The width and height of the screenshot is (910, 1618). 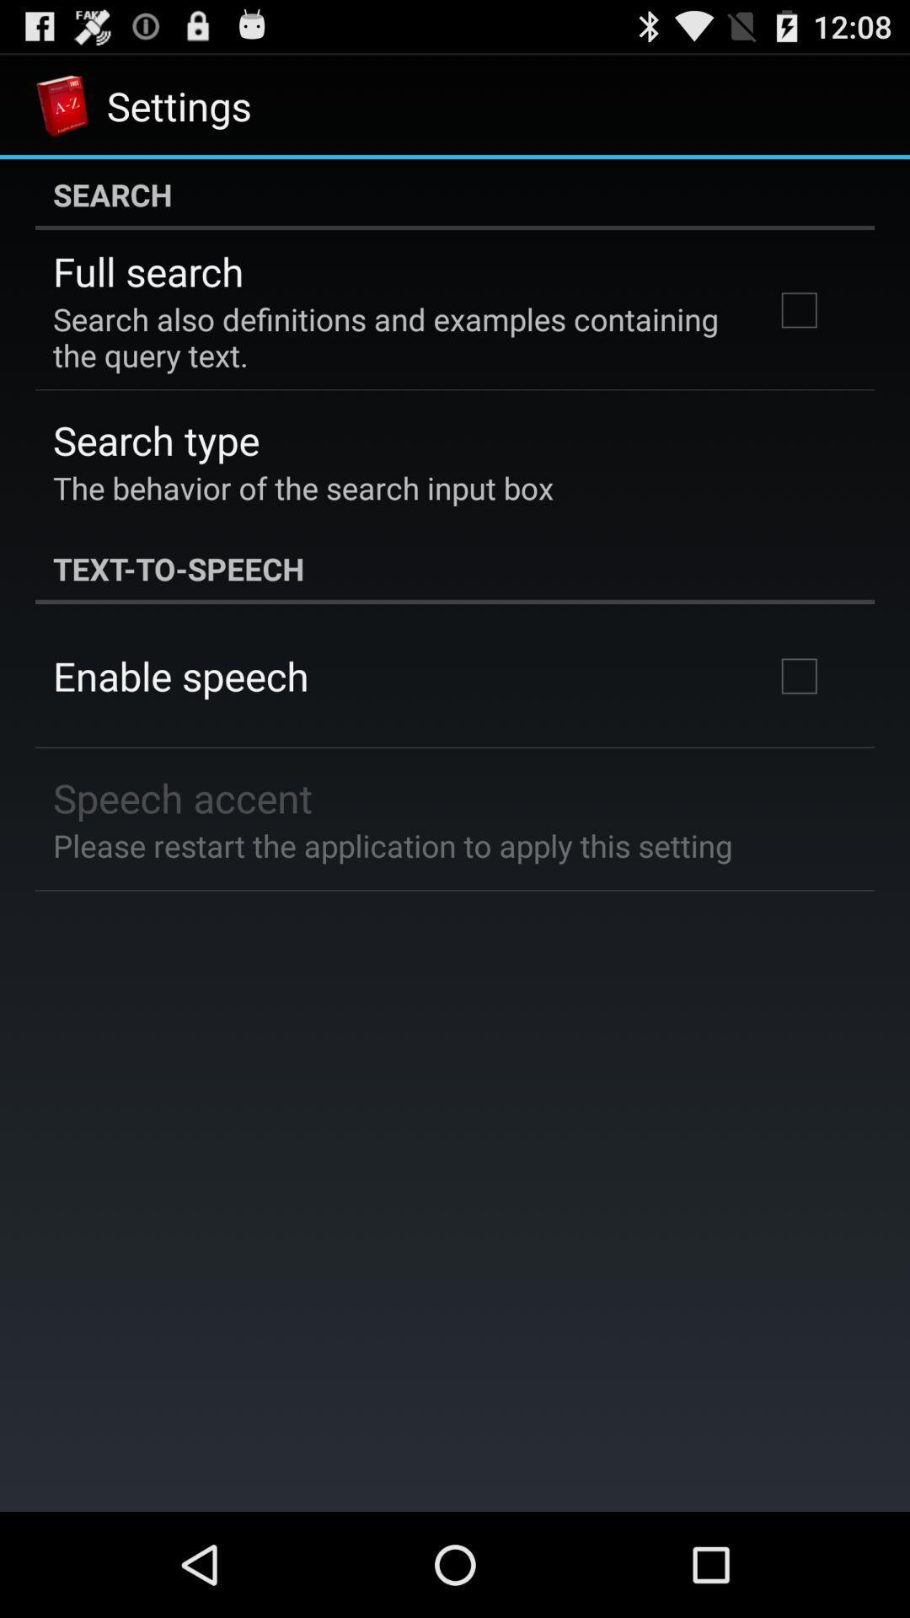 I want to click on the square box to the right of full search text, so click(x=798, y=310).